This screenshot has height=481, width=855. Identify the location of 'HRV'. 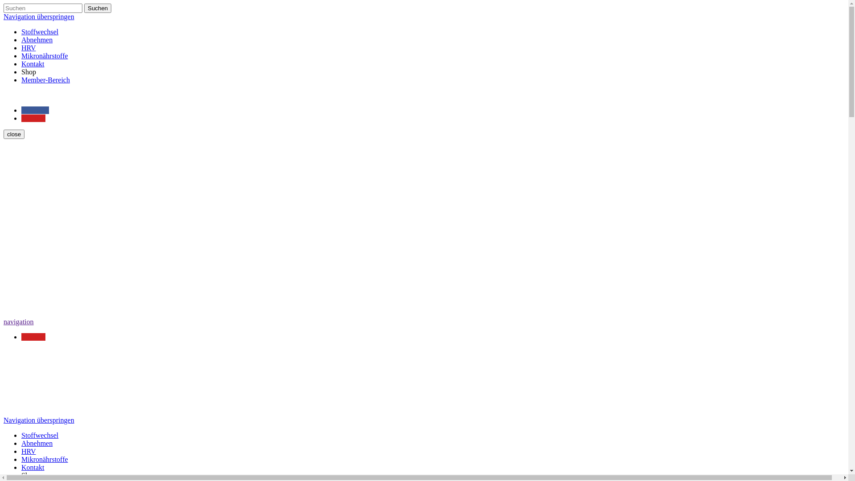
(28, 451).